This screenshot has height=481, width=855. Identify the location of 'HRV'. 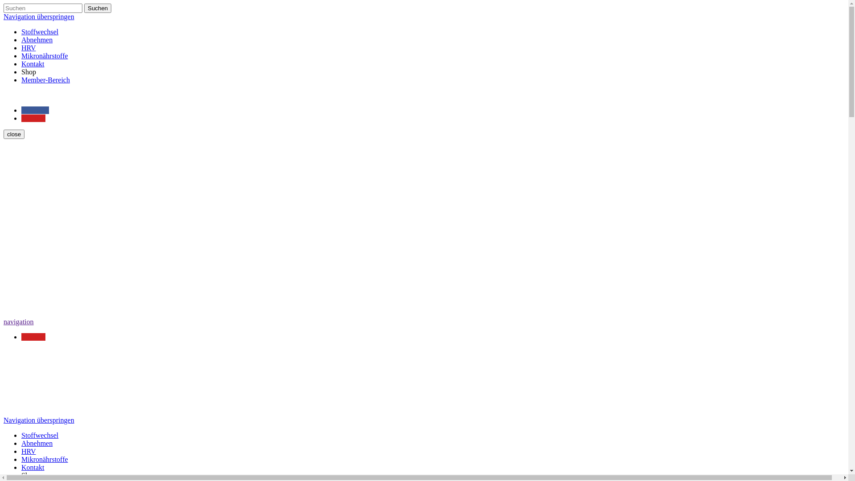
(28, 451).